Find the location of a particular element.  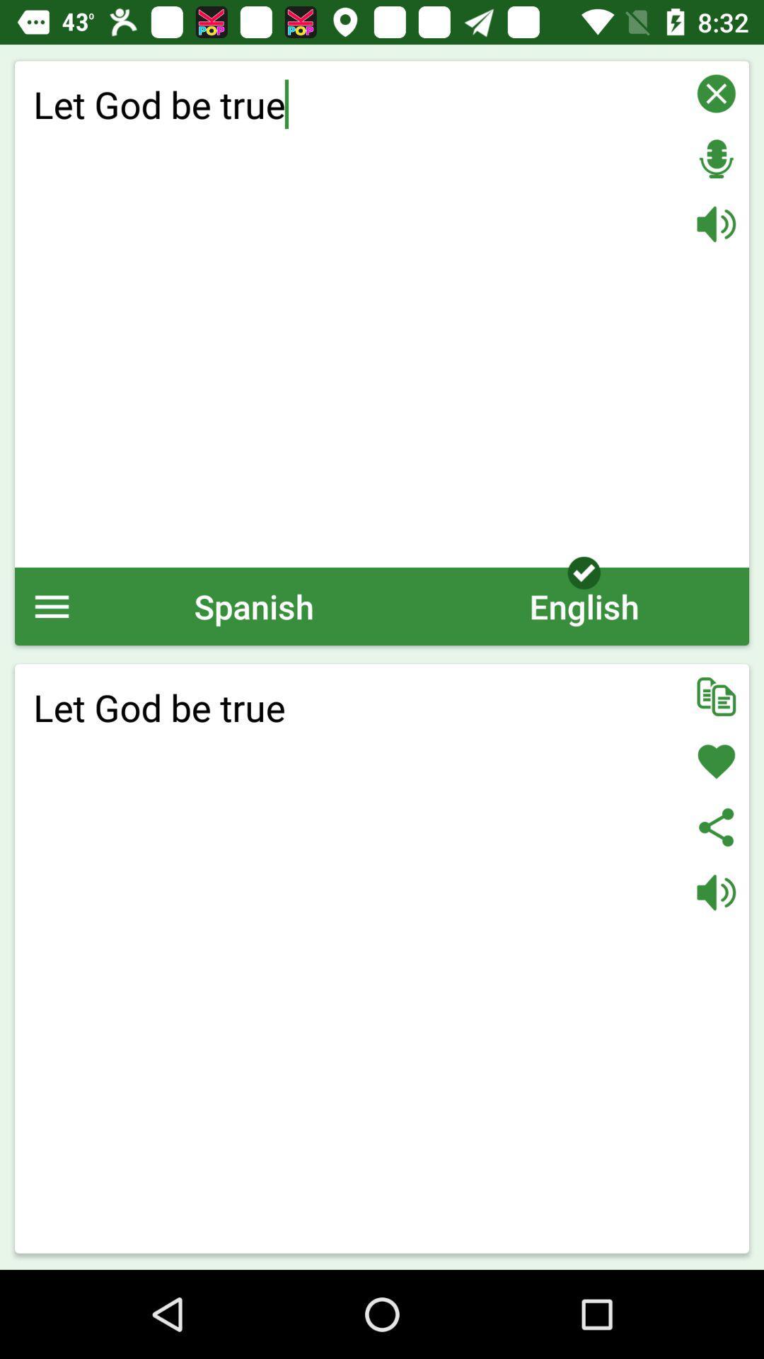

read aloud is located at coordinates (716, 223).